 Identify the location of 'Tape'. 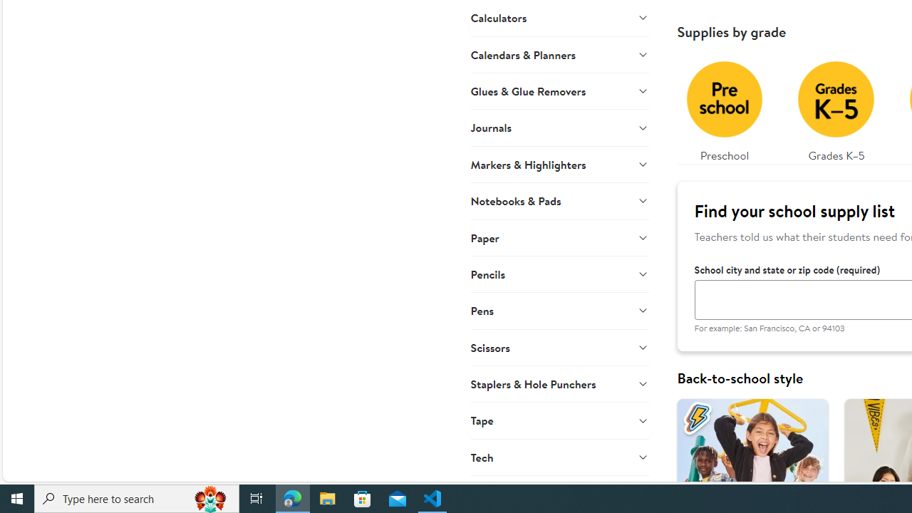
(559, 420).